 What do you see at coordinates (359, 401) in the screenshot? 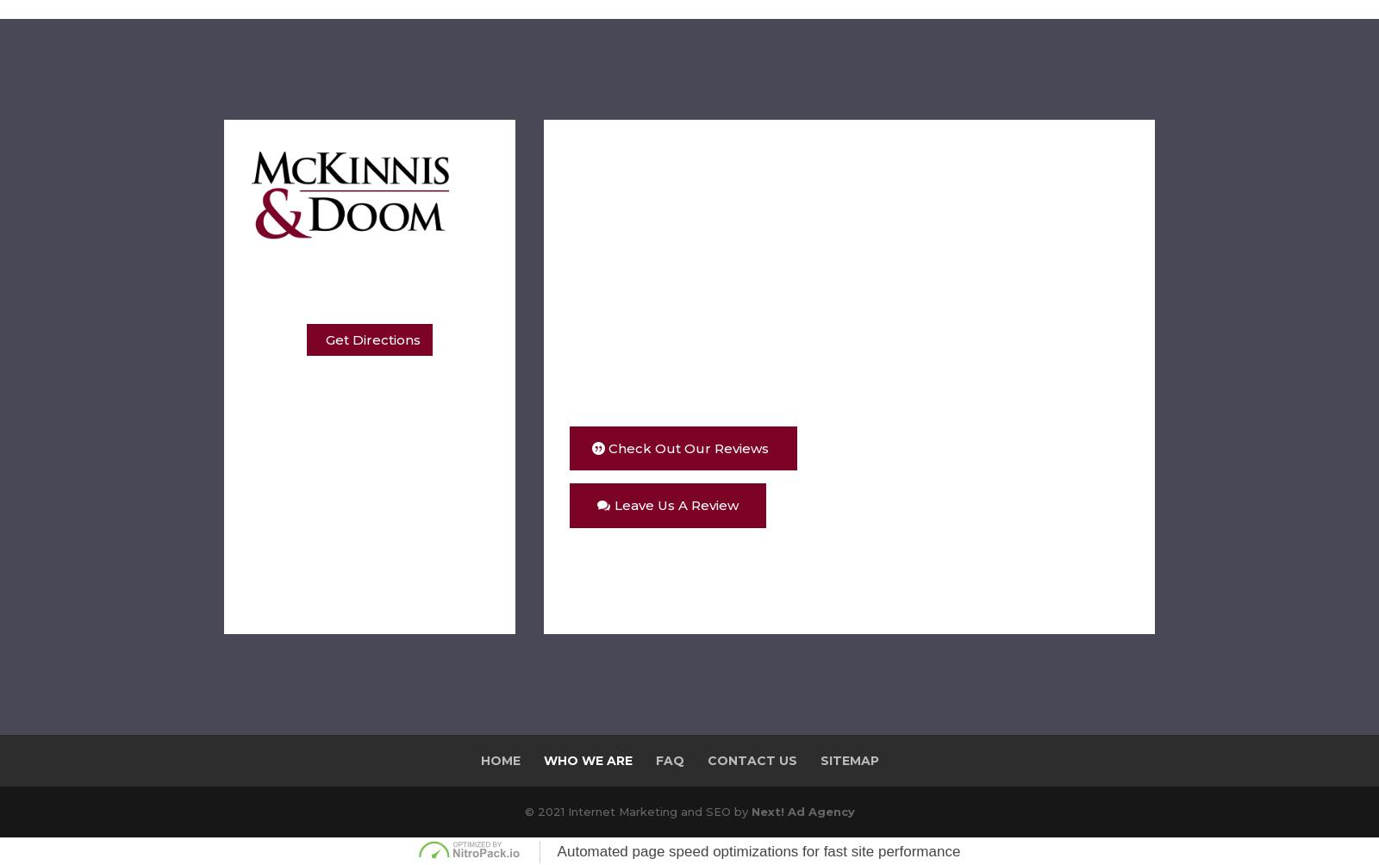
I see `'Monday — Thursday'` at bounding box center [359, 401].